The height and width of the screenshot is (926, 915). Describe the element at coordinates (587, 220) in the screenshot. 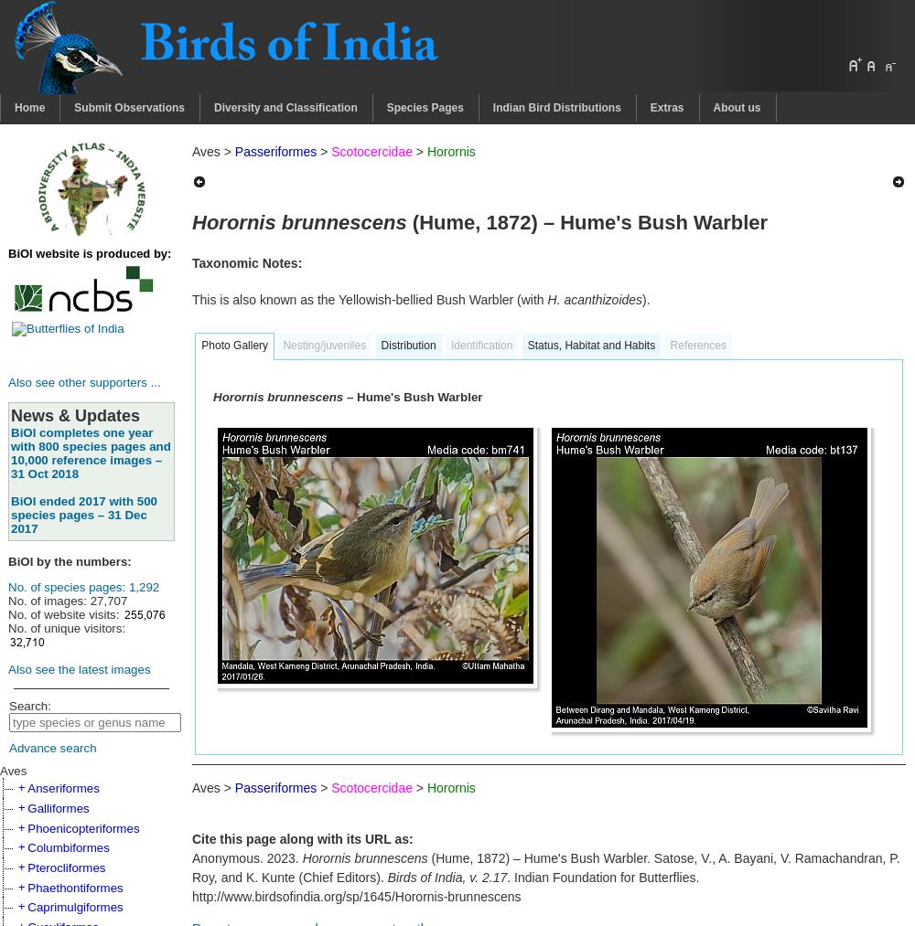

I see `'(Hume, 1872)    – Hume's Bush Warbler'` at that location.